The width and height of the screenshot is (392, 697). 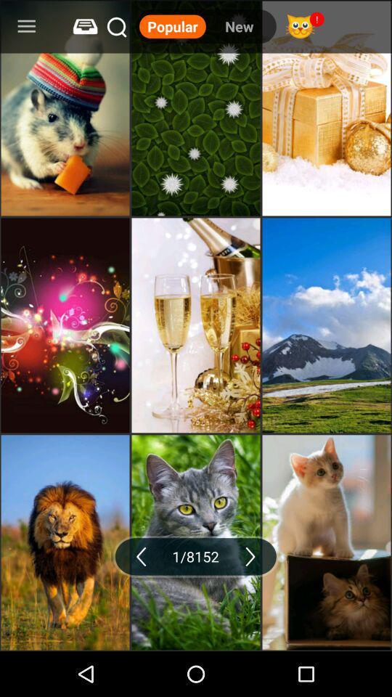 What do you see at coordinates (239, 25) in the screenshot?
I see `icon next to the popular icon` at bounding box center [239, 25].